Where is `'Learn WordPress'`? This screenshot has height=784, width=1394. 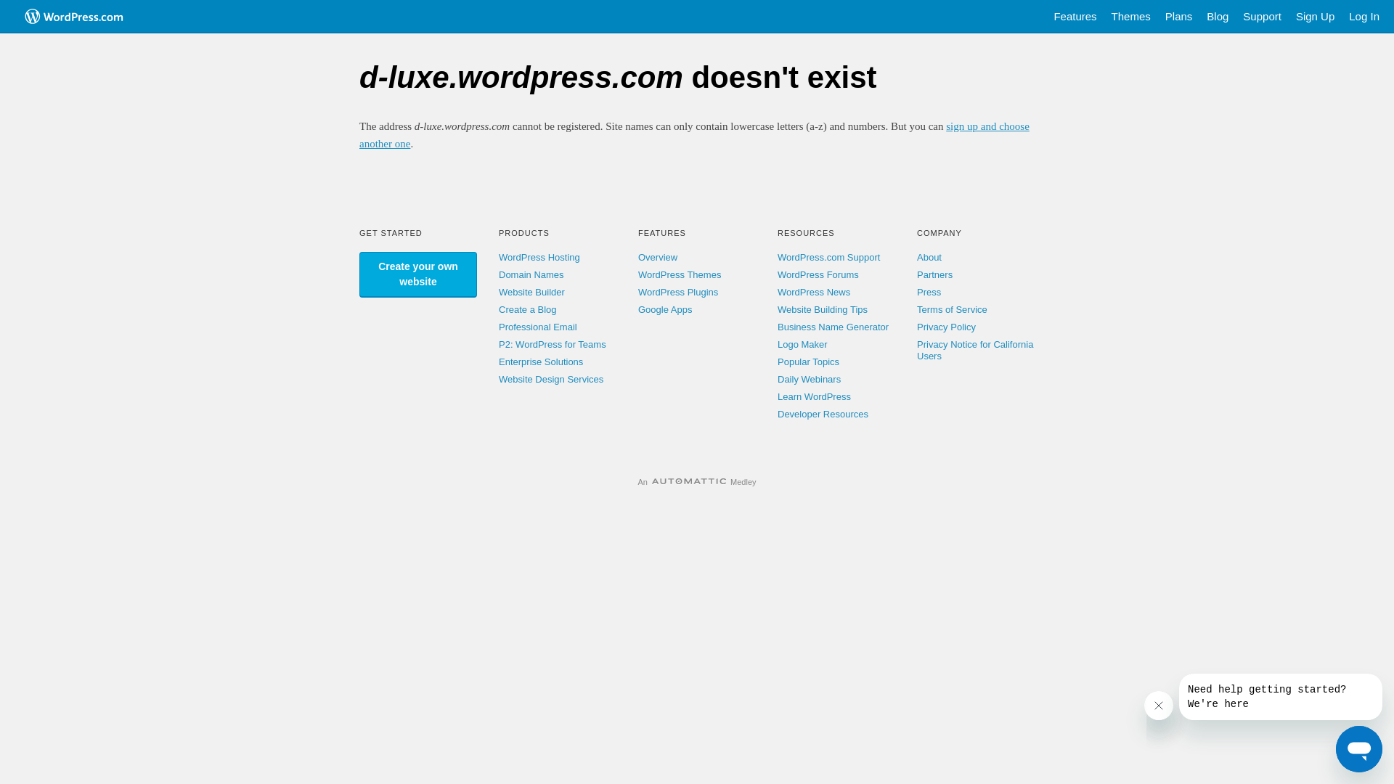
'Learn WordPress' is located at coordinates (814, 396).